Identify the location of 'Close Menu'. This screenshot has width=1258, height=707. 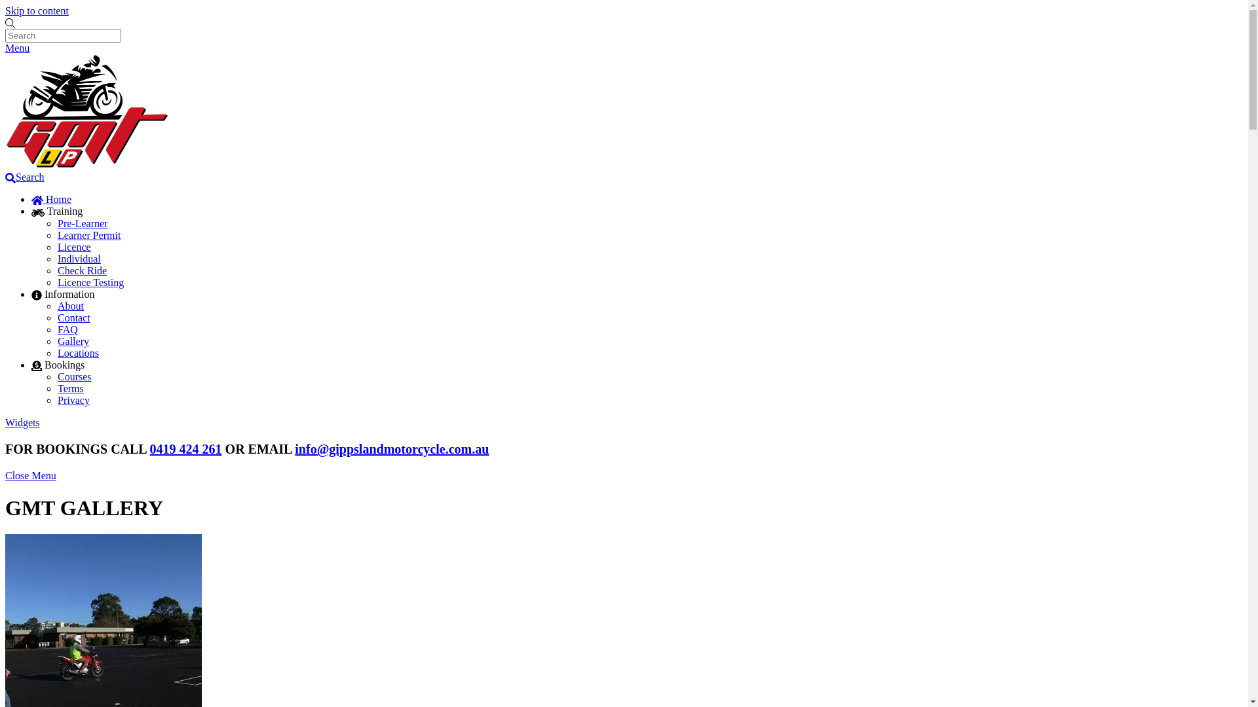
(31, 475).